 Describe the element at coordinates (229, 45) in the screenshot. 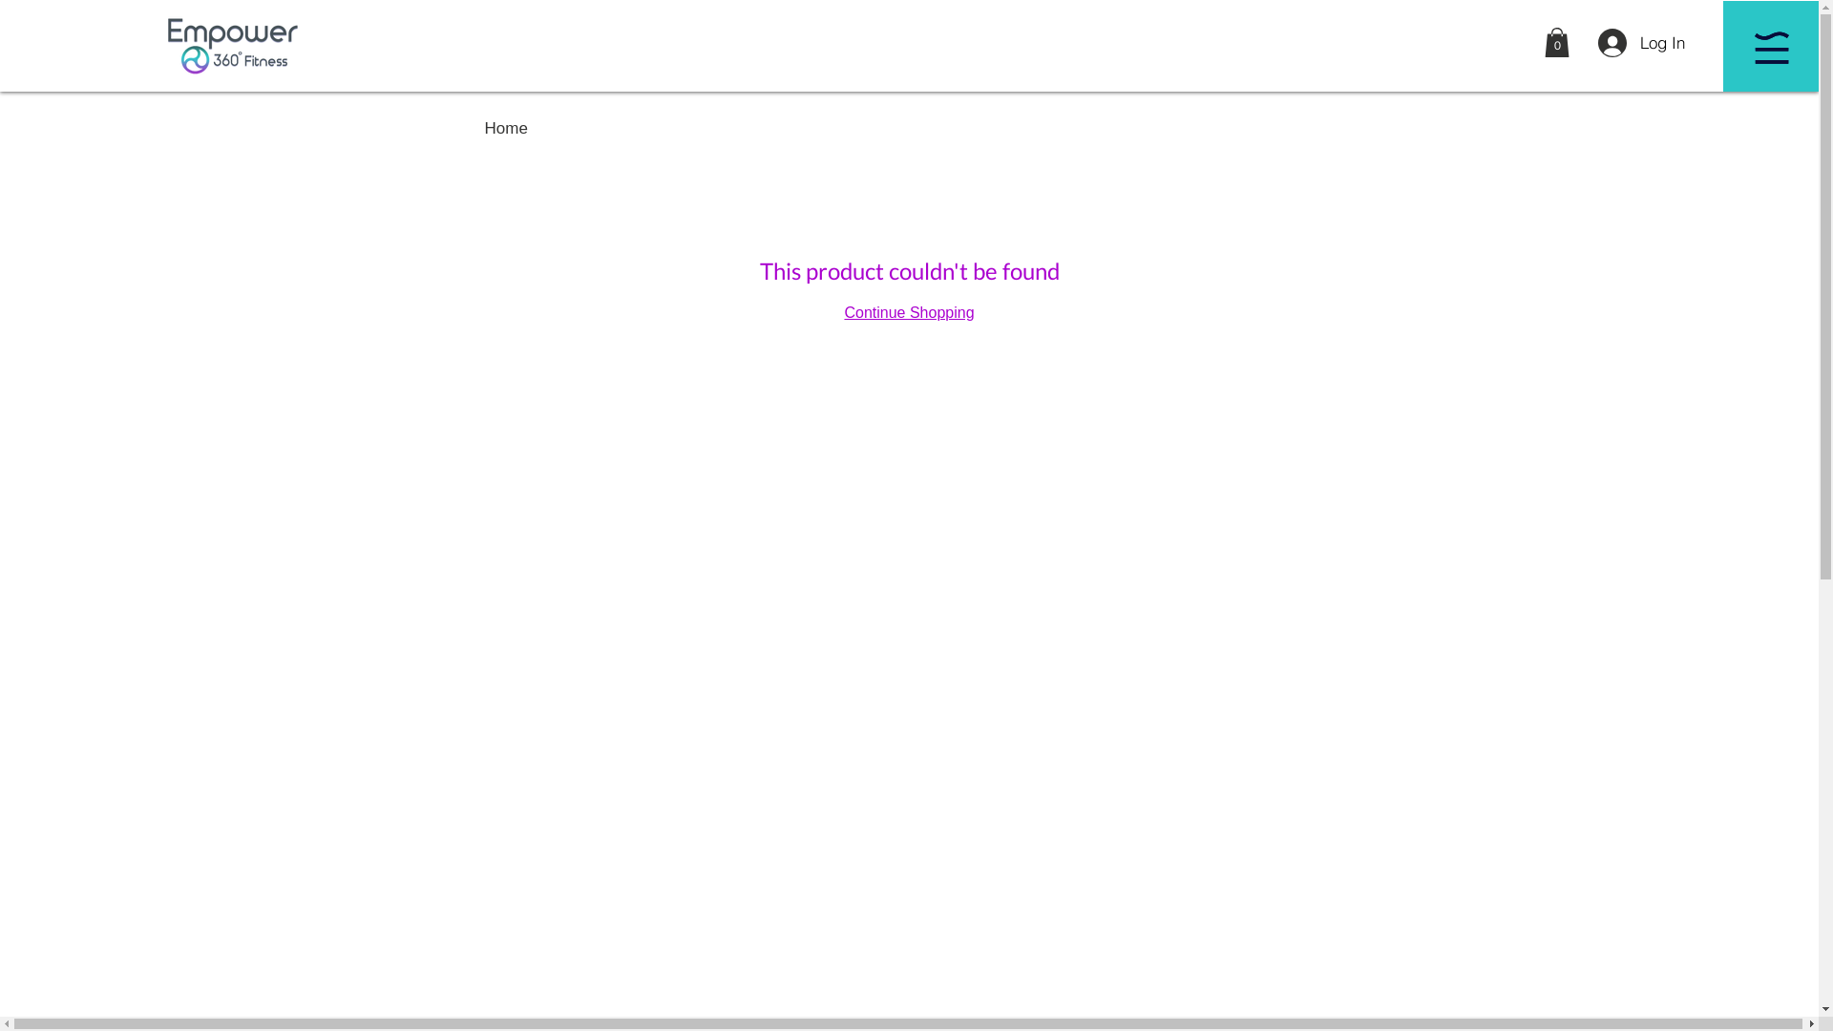

I see `'Empower360Fitness logo'` at that location.